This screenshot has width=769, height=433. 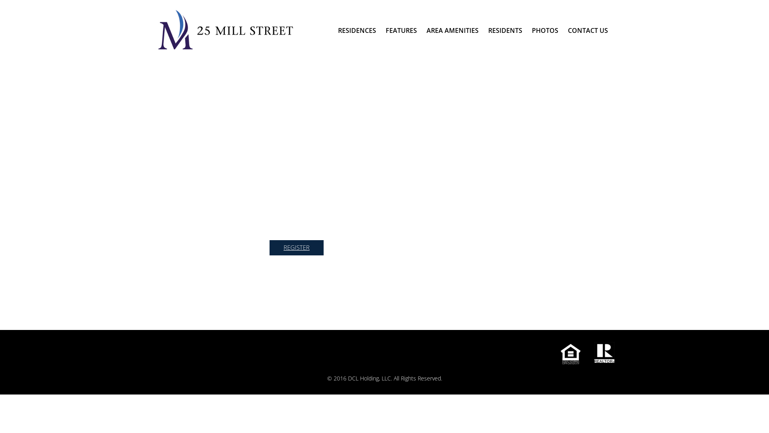 What do you see at coordinates (588, 30) in the screenshot?
I see `'CONTACT US'` at bounding box center [588, 30].